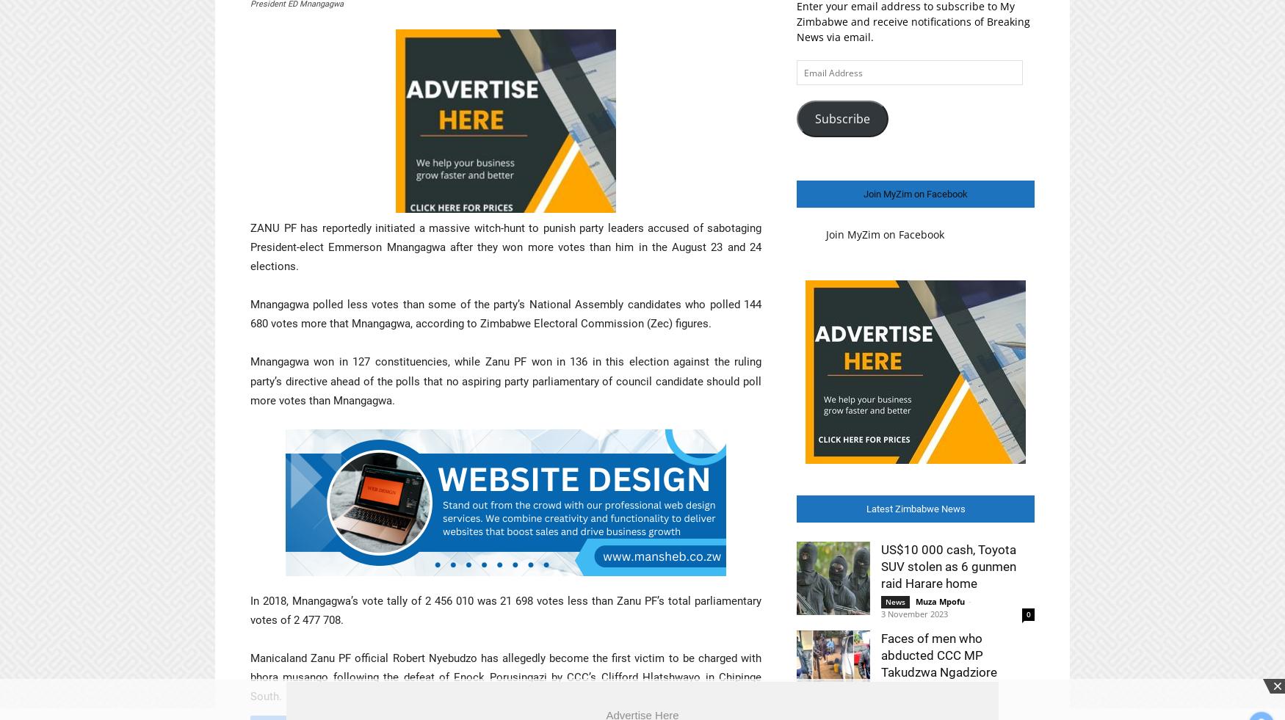 The image size is (1285, 720). I want to click on 'Latest Zimbabwe News', so click(915, 509).